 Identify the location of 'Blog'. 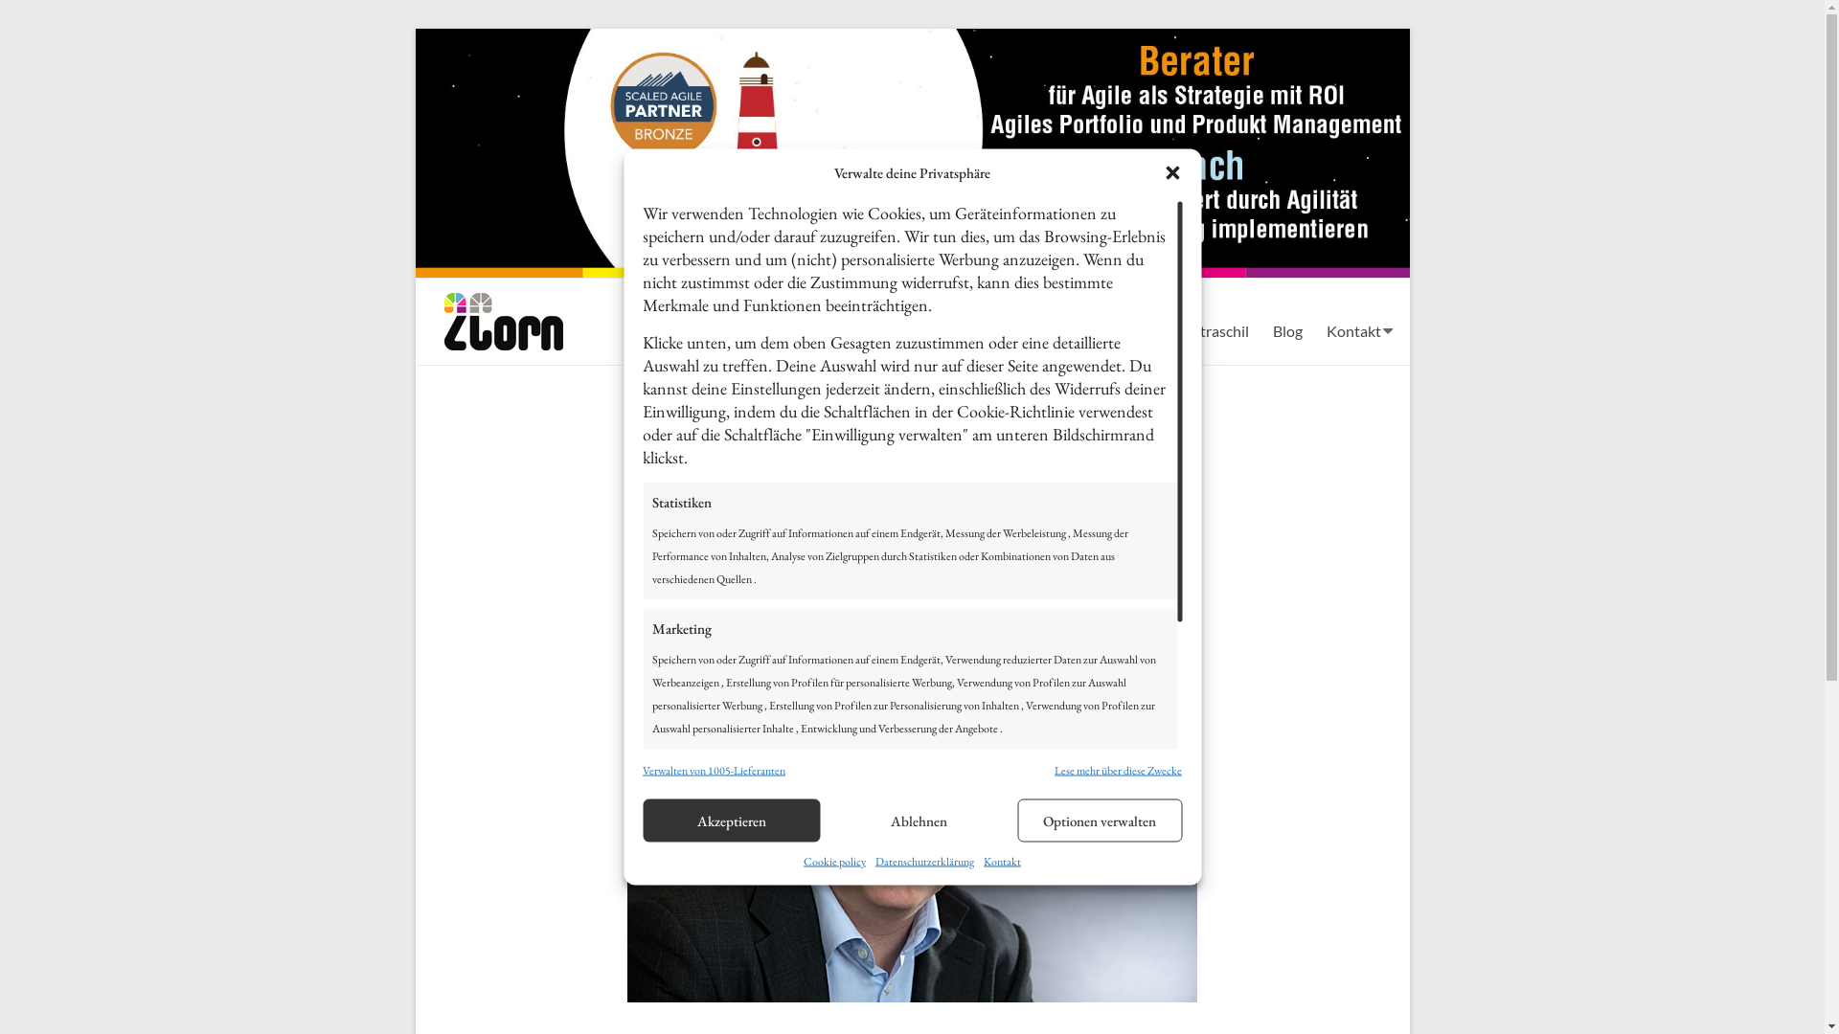
(1286, 328).